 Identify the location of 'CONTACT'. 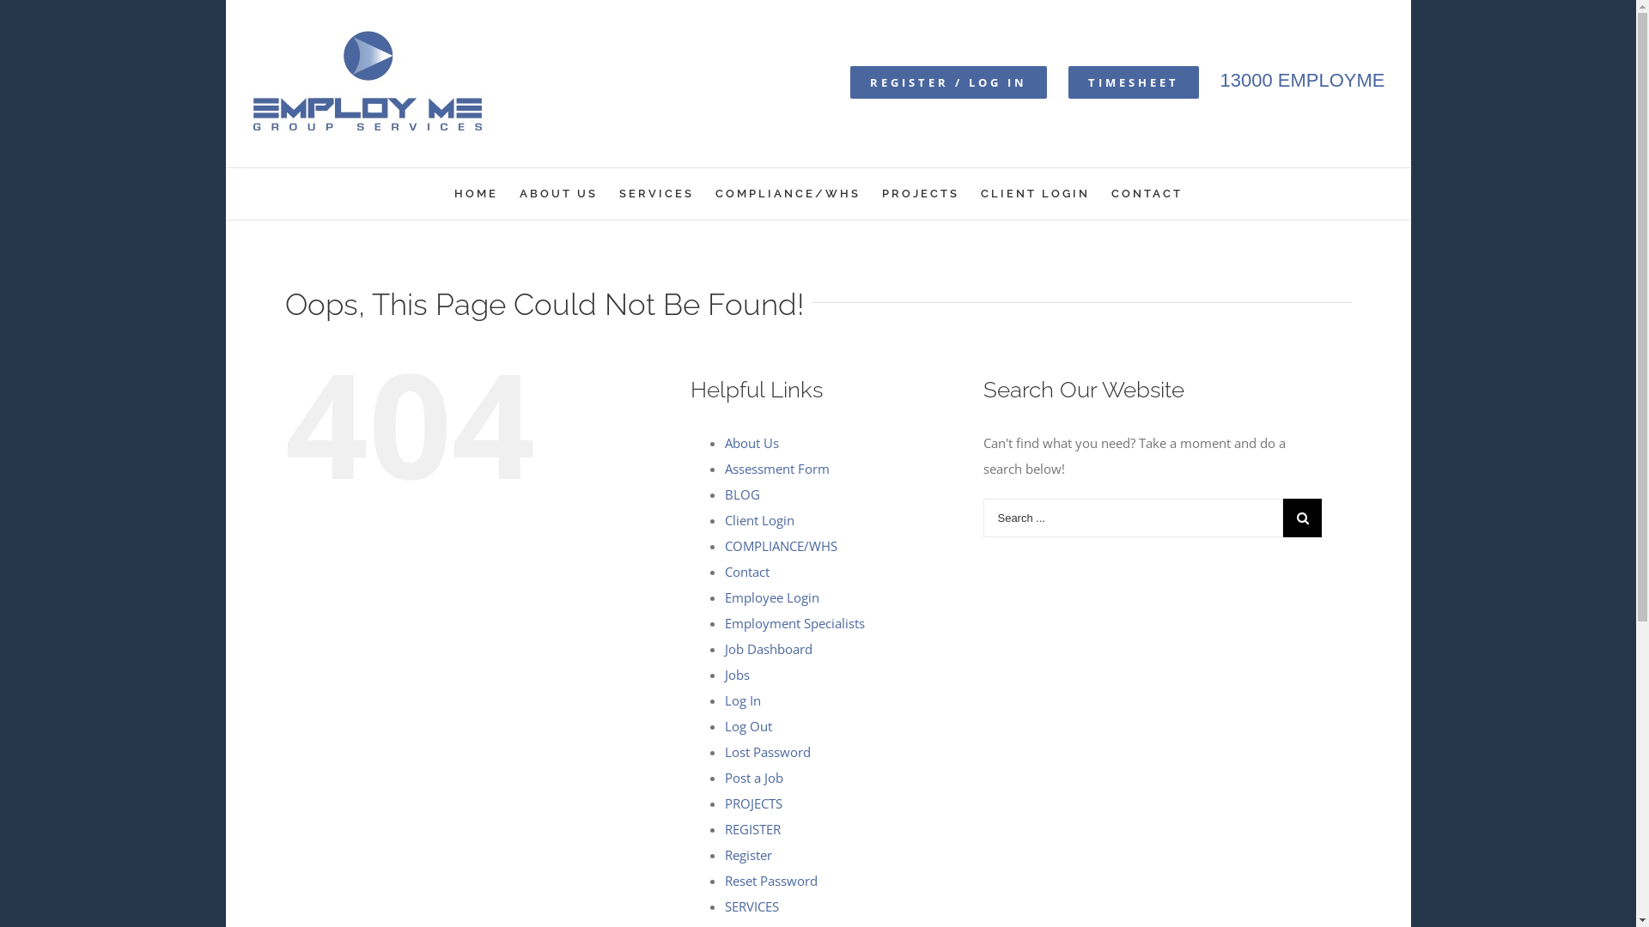
(1147, 193).